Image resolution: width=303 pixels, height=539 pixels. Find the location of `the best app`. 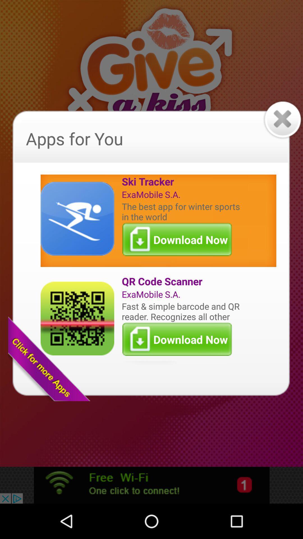

the best app is located at coordinates (182, 211).